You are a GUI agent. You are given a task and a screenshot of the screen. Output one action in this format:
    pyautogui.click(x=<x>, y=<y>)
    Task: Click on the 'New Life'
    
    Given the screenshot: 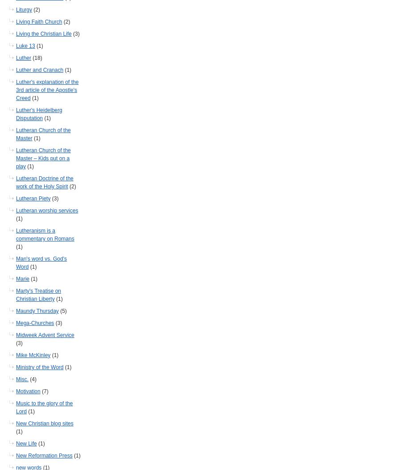 What is the action you would take?
    pyautogui.click(x=26, y=444)
    